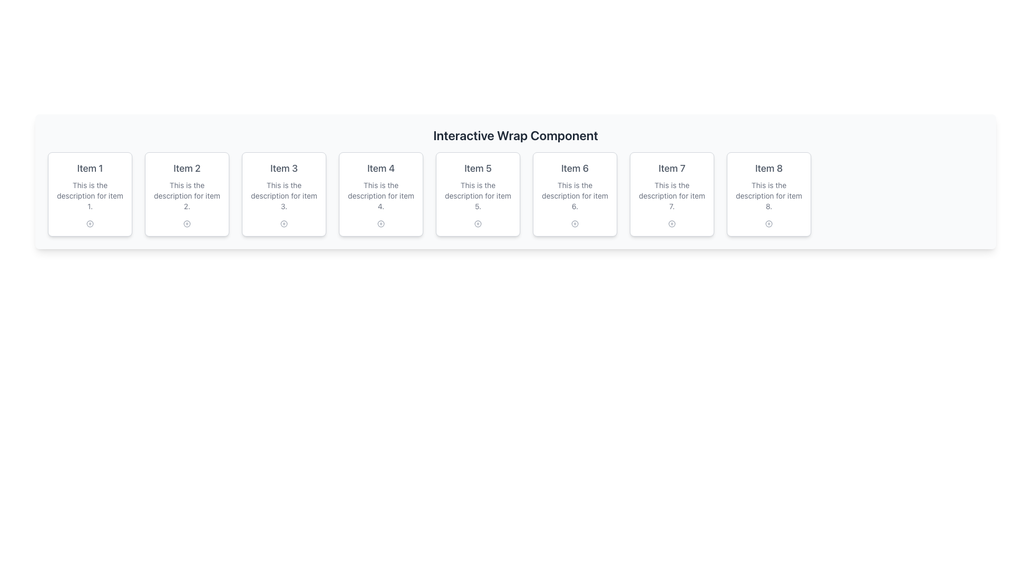 This screenshot has height=569, width=1012. What do you see at coordinates (478, 168) in the screenshot?
I see `text label that displays the title or name of the content in the card labeled 'Item 5', positioned centrally at the top of the card` at bounding box center [478, 168].